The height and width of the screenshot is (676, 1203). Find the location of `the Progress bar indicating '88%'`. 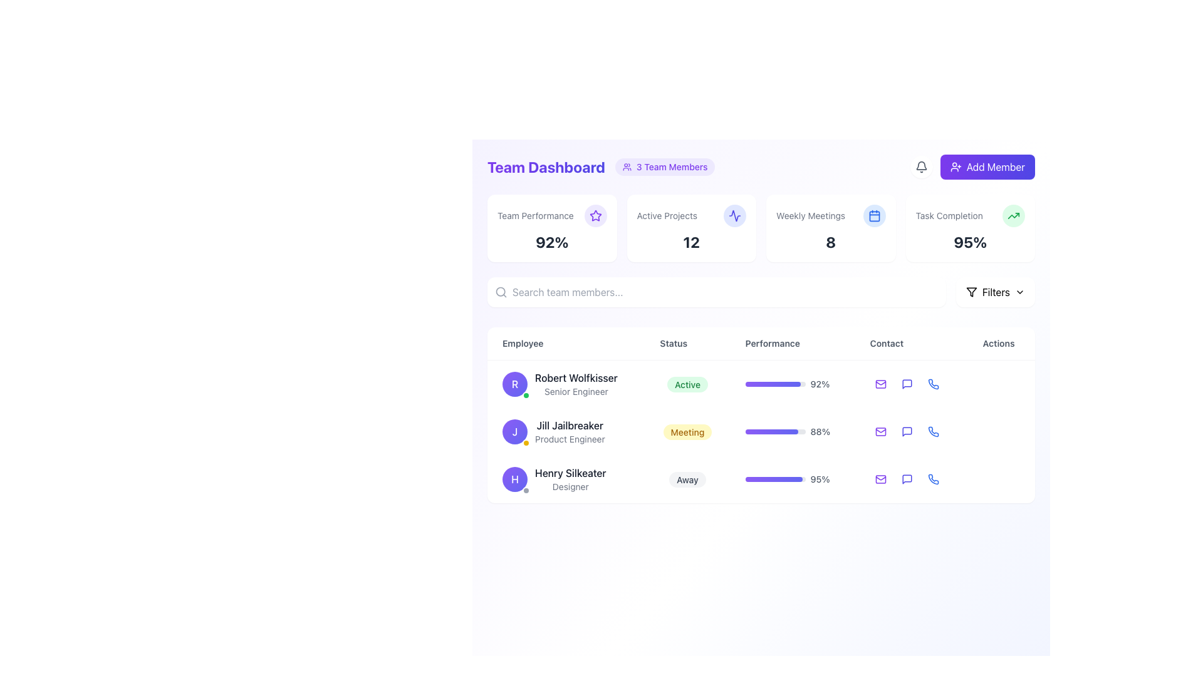

the Progress bar indicating '88%' is located at coordinates (792, 431).